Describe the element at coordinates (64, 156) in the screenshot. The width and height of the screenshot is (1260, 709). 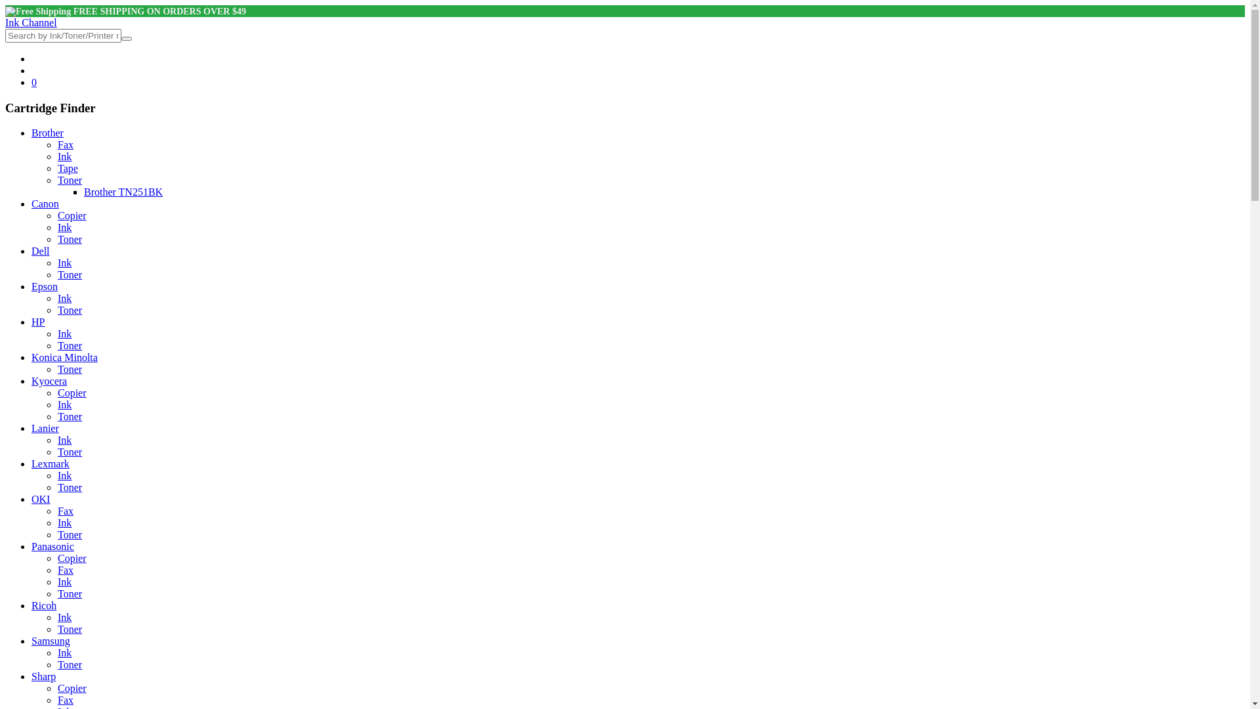
I see `'Ink'` at that location.